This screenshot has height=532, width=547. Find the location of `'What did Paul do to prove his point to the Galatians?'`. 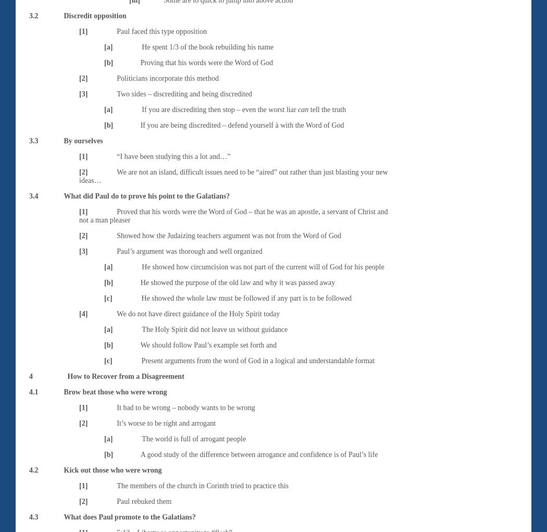

'What did Paul do to prove his point to the Galatians?' is located at coordinates (146, 195).